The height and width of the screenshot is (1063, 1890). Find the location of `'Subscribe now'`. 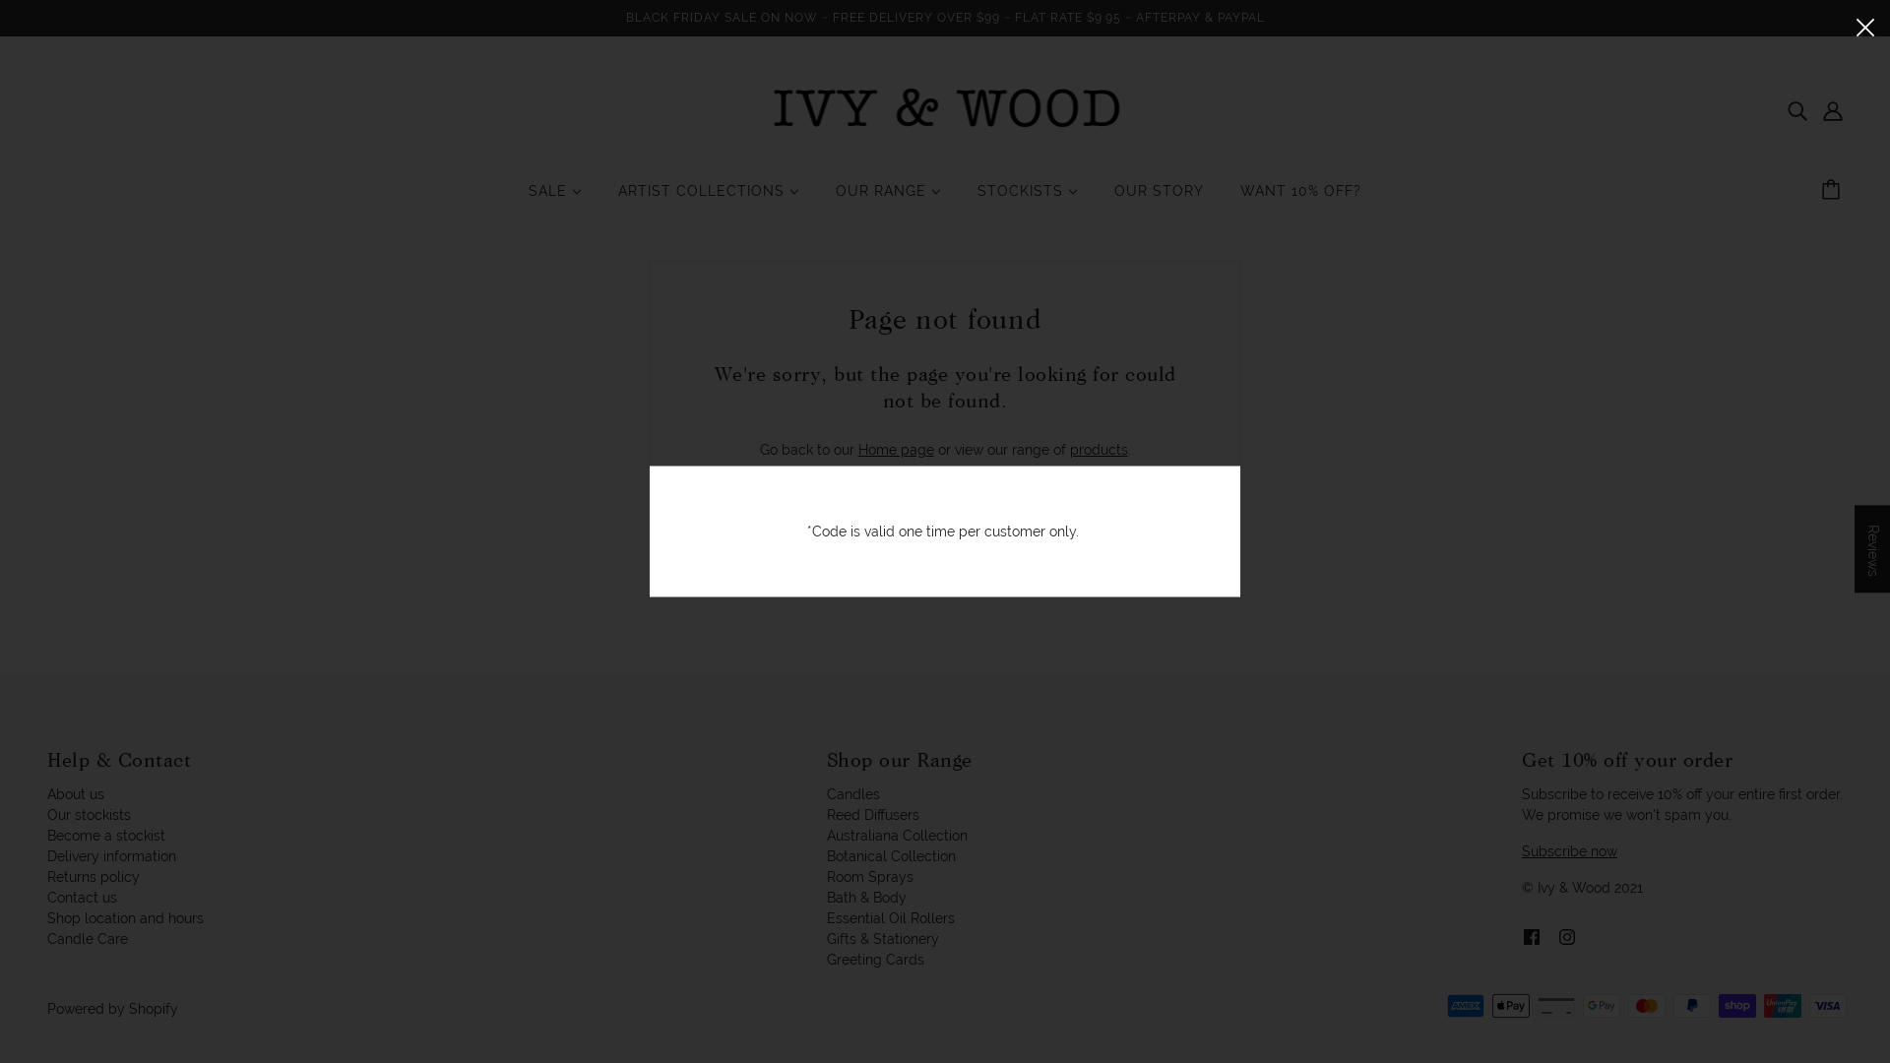

'Subscribe now' is located at coordinates (1568, 849).